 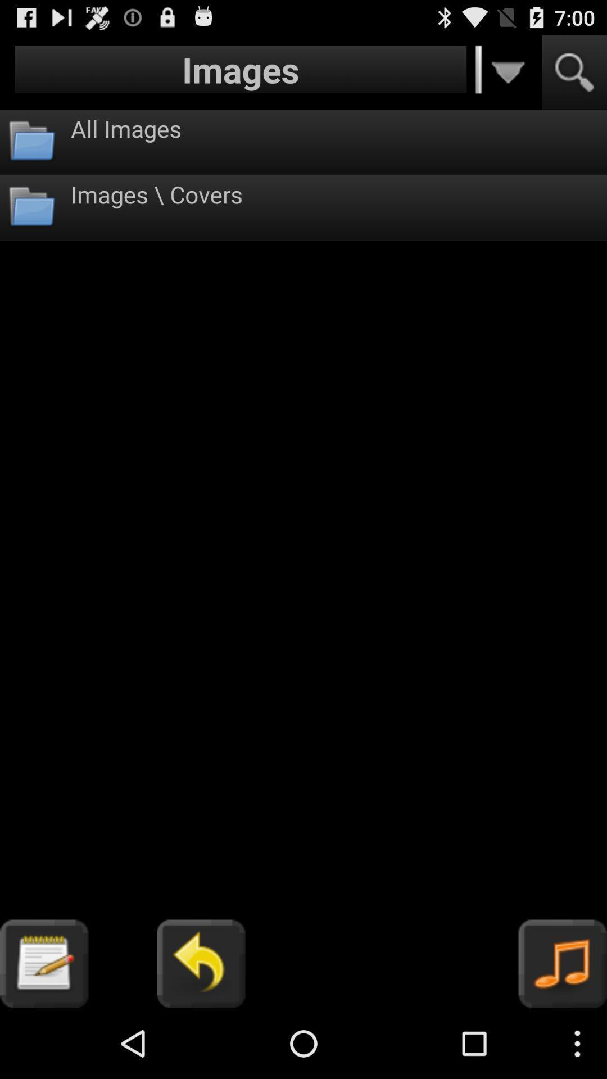 I want to click on the edit icon, so click(x=43, y=1031).